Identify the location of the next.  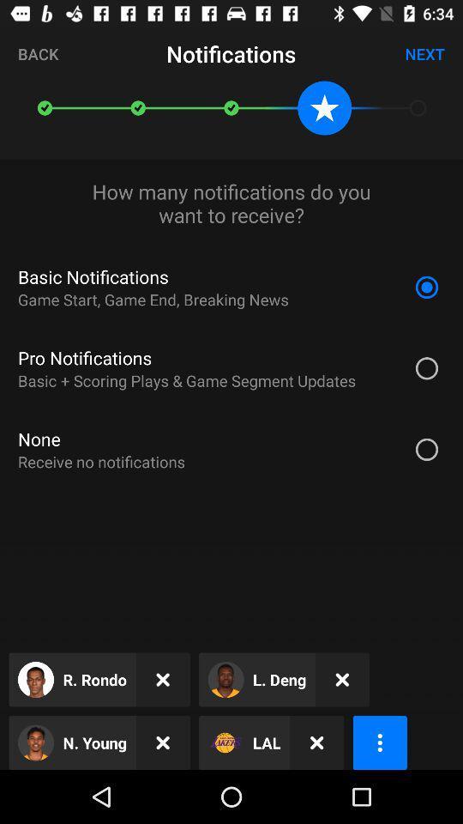
(424, 53).